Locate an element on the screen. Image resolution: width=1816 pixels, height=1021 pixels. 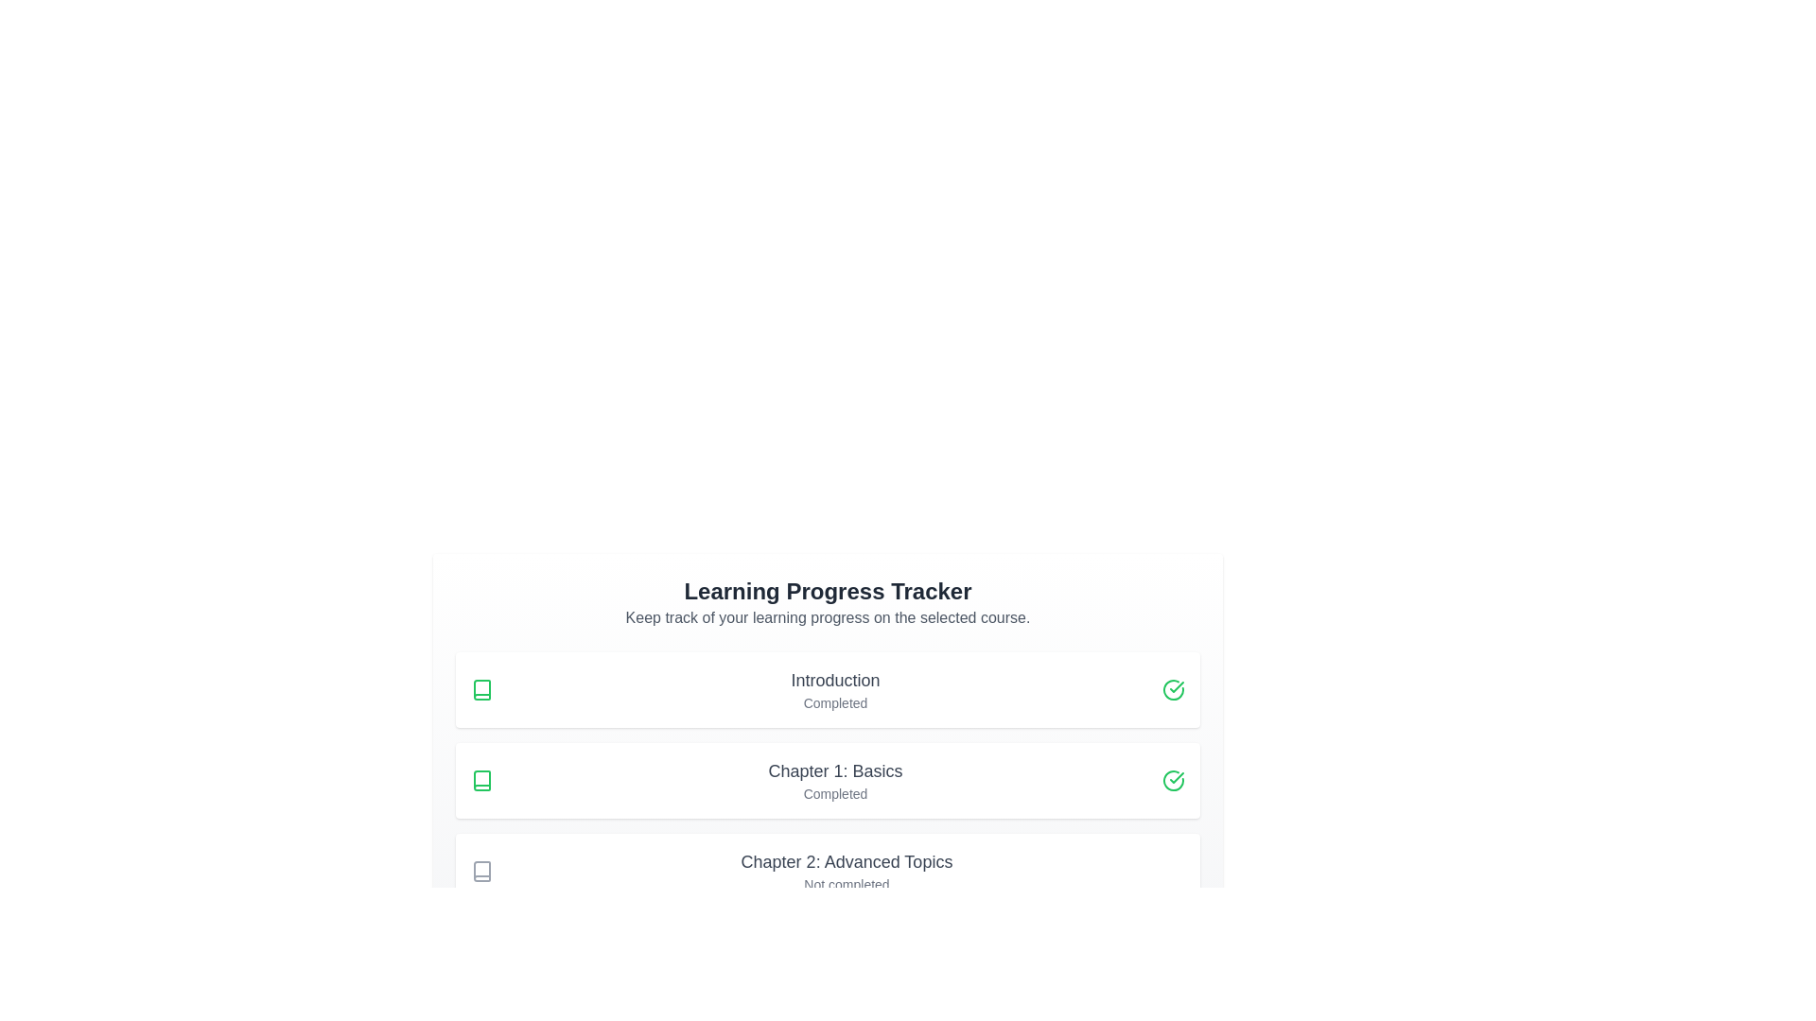
the Text label indicating the completion status of 'Chapter 2: Advanced Topics', which states that the chapter is not completed is located at coordinates (846, 885).